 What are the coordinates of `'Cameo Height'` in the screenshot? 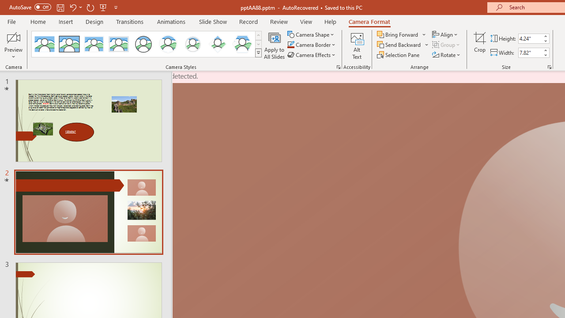 It's located at (530, 38).